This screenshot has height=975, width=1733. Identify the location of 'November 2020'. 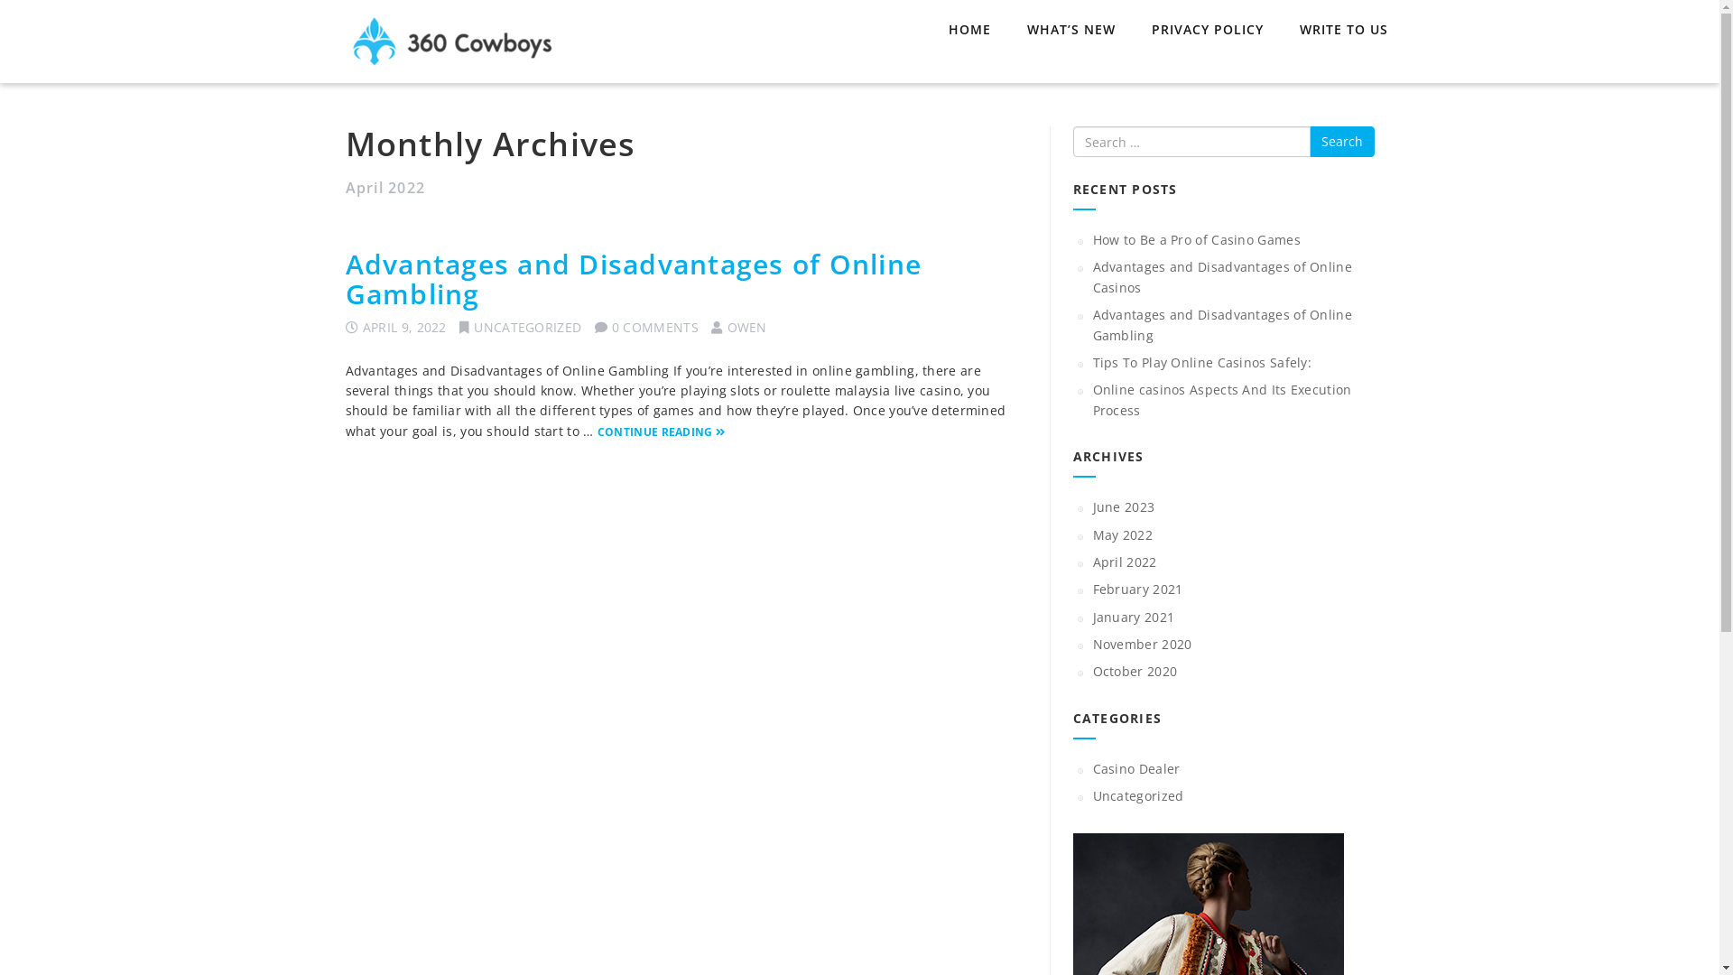
(1141, 643).